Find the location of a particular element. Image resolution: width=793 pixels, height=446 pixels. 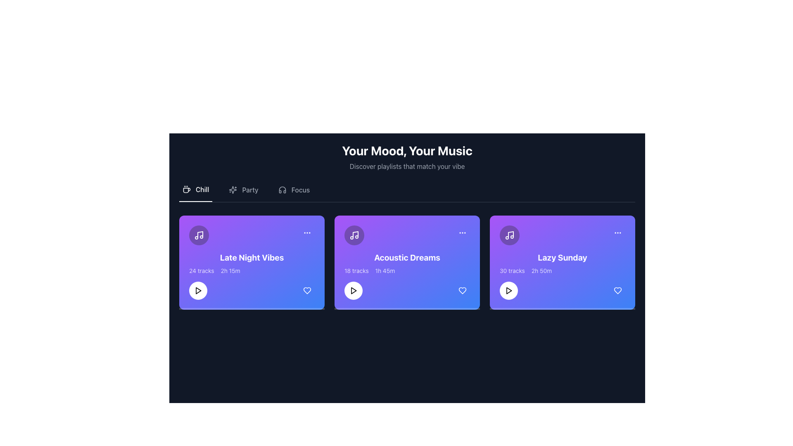

the heart-shaped button outlined in white with a blue background at the bottom-right corner of the 'Lazy Sunday' box to mark it as favorite is located at coordinates (618, 290).